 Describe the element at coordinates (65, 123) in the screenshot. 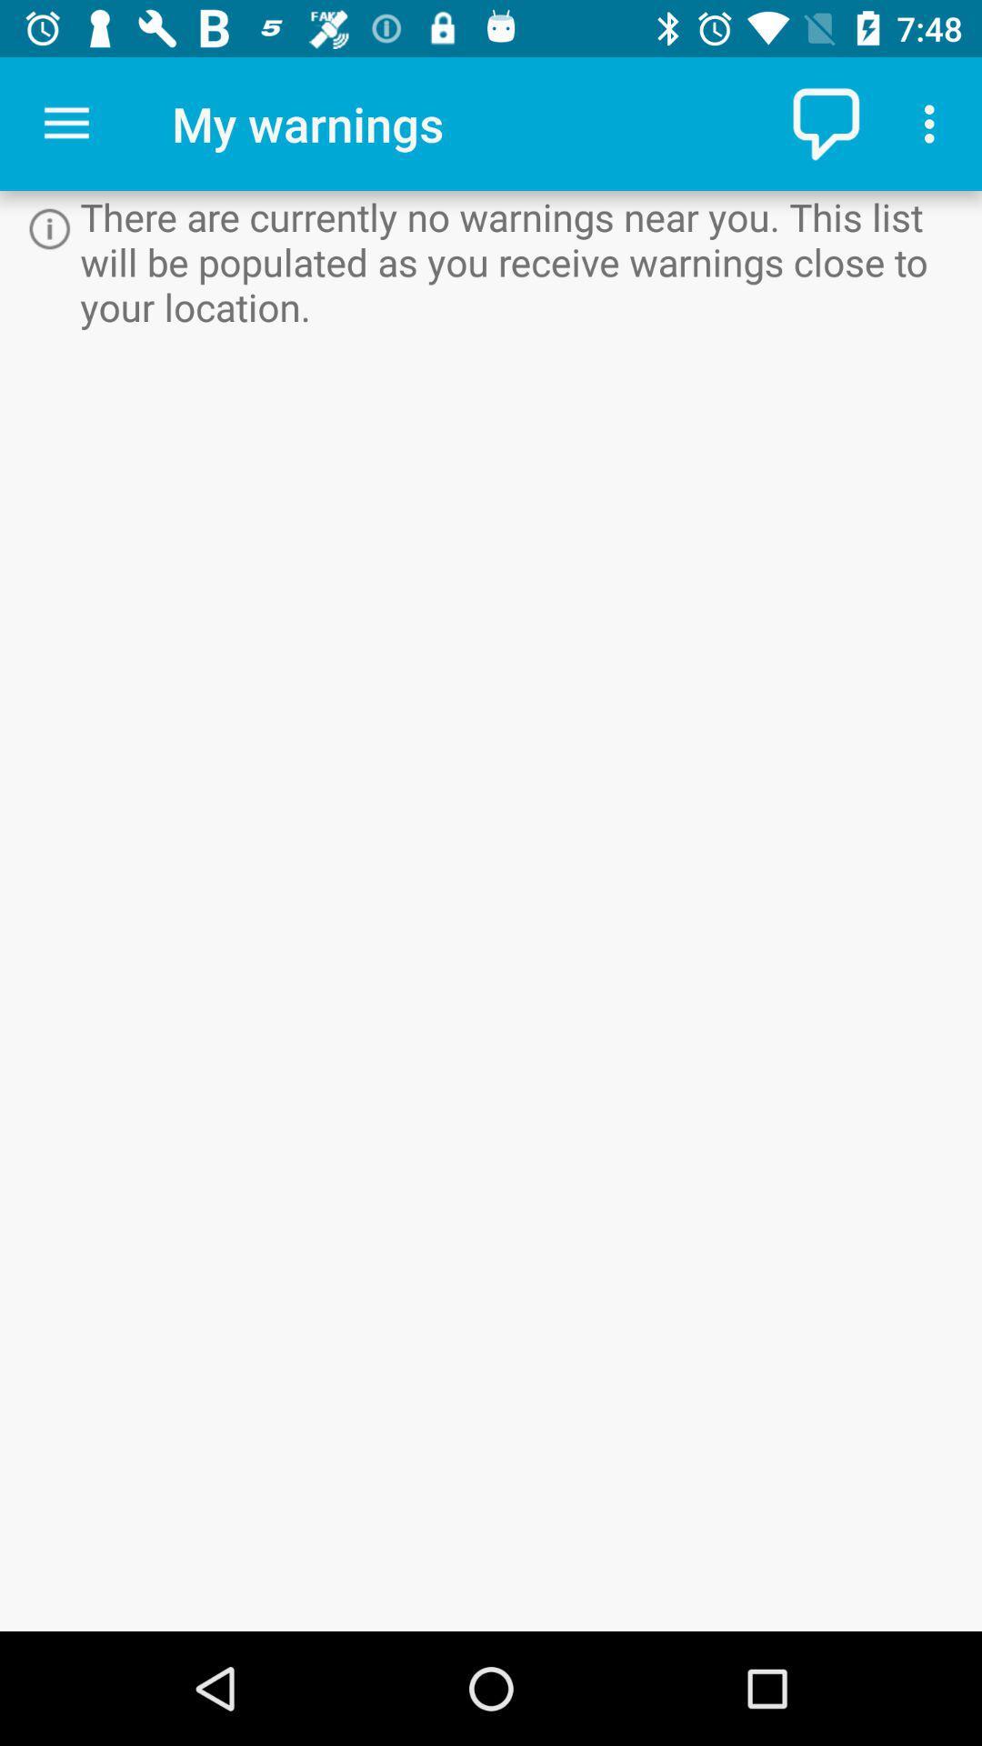

I see `app to the left of the my warnings icon` at that location.